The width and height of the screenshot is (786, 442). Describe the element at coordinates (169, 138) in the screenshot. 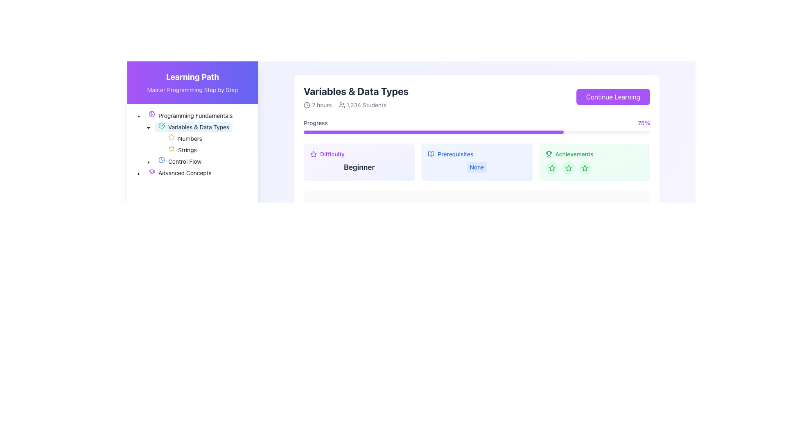

I see `the third item node in the tree structure under 'Variables & Data Types'` at that location.